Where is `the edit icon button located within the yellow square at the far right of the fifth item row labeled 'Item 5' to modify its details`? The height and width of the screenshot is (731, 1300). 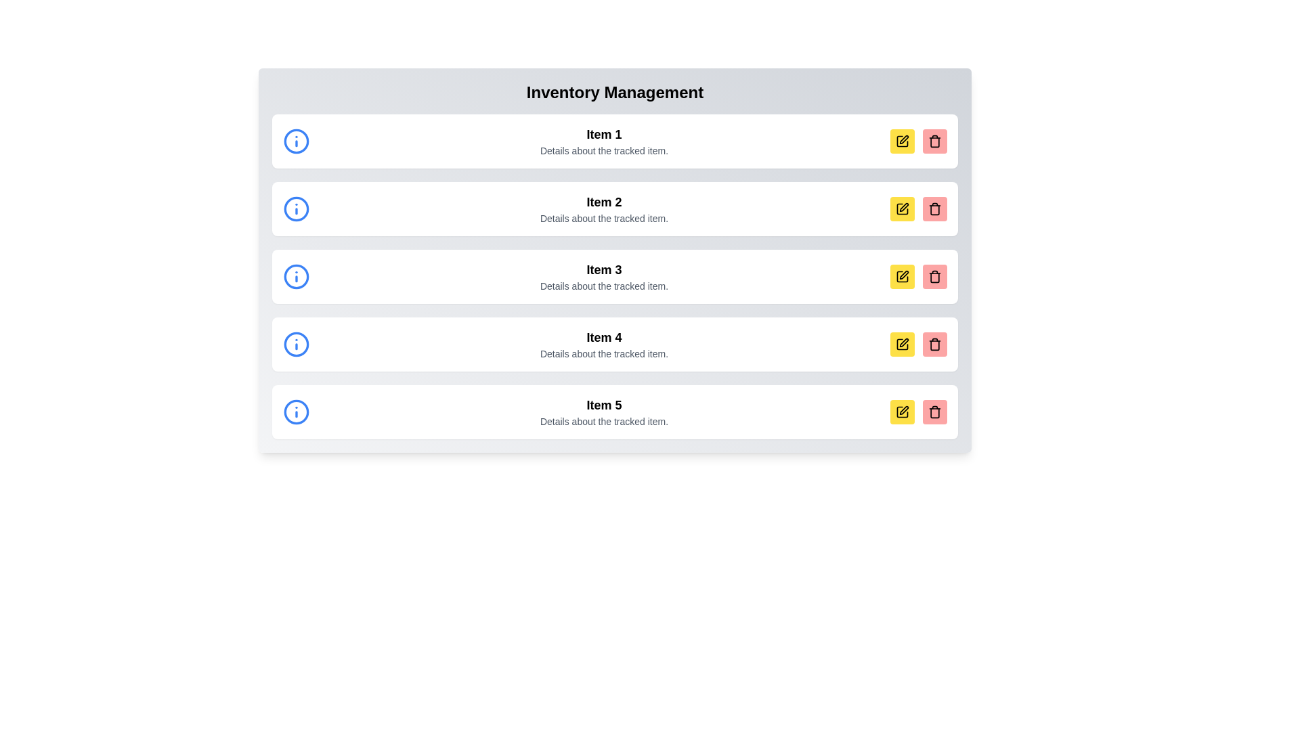 the edit icon button located within the yellow square at the far right of the fifth item row labeled 'Item 5' to modify its details is located at coordinates (904, 409).